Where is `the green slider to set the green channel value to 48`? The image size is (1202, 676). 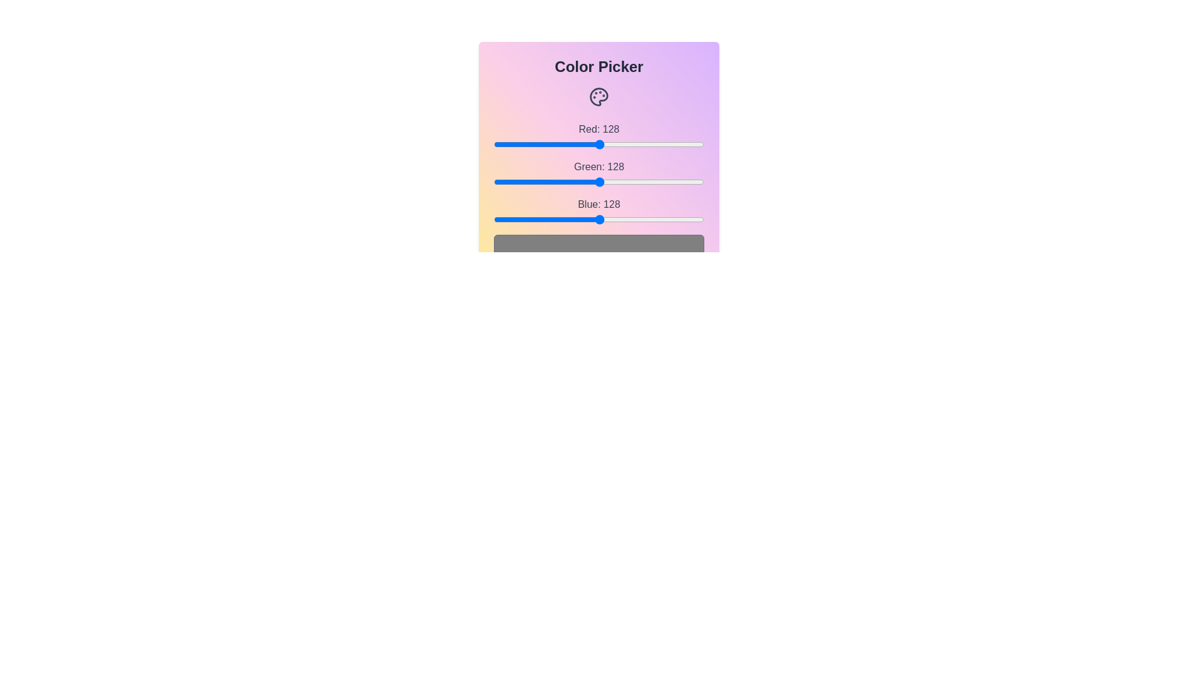 the green slider to set the green channel value to 48 is located at coordinates (533, 182).